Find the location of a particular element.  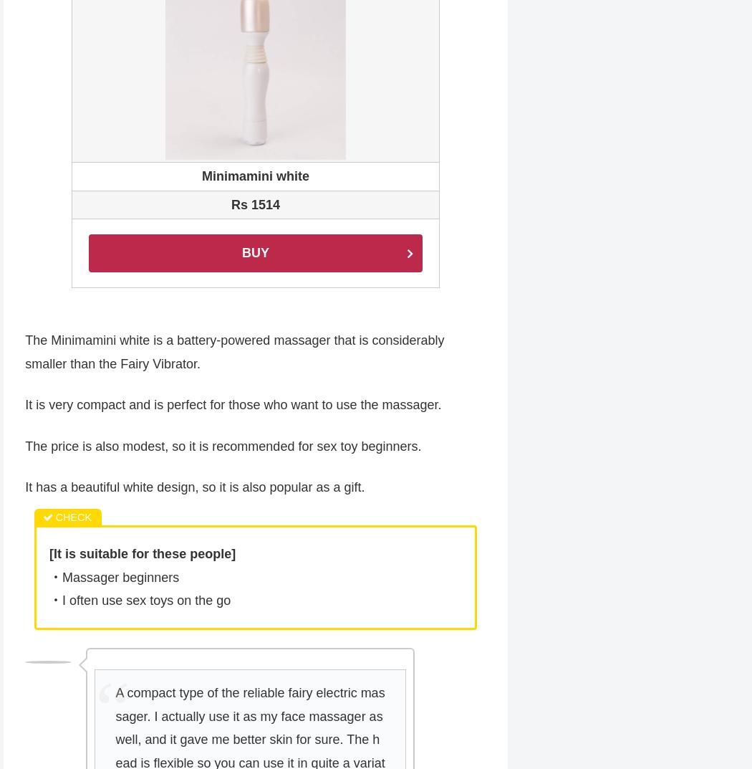

'Rs 1514' is located at coordinates (254, 205).